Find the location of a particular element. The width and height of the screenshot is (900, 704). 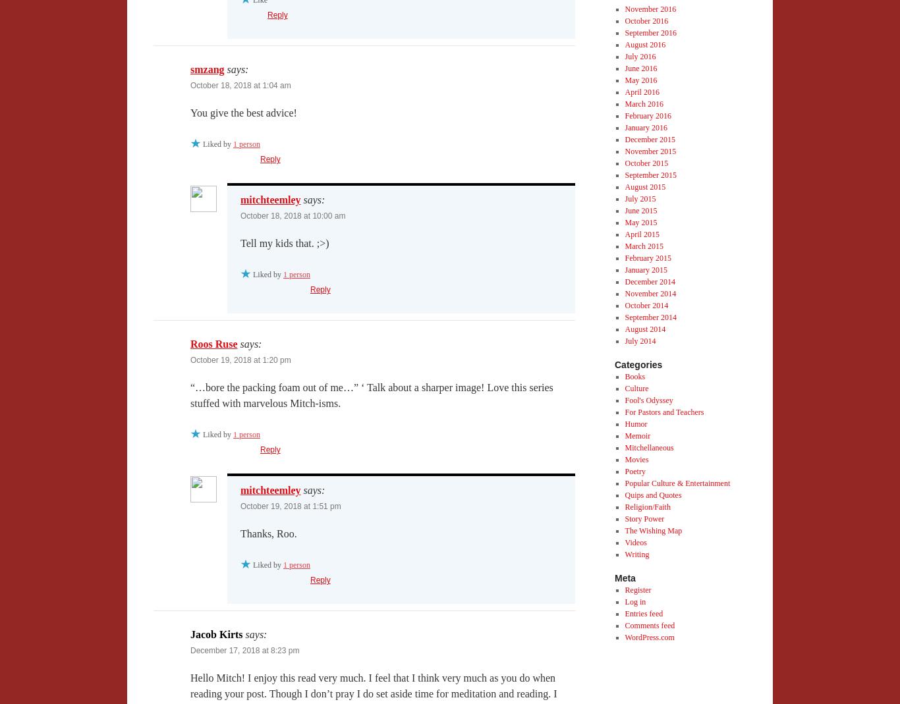

'Writing' is located at coordinates (625, 553).